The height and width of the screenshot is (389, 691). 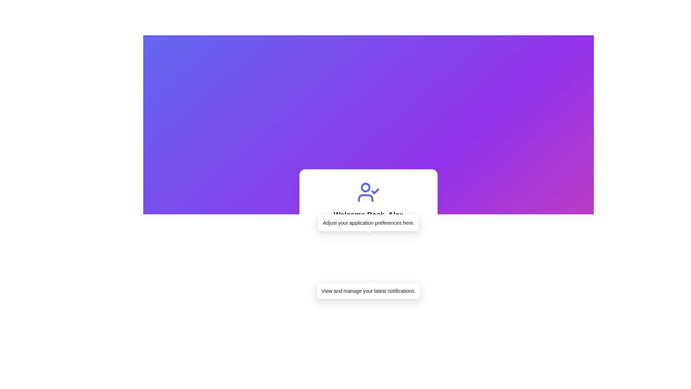 I want to click on the checkmark icon within the SVG that indicates user verification, located near the top-center of the SVG, overlaying the right shoulder of the user outline, so click(x=375, y=191).